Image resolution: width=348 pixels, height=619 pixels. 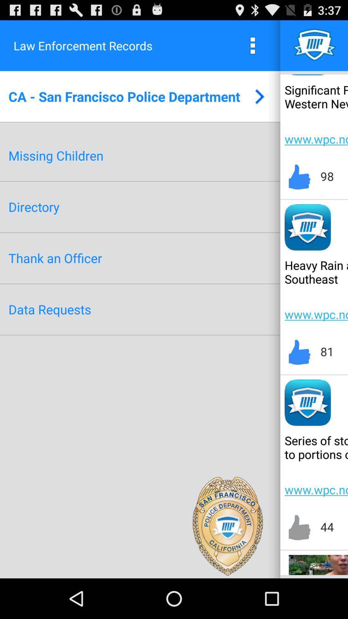 What do you see at coordinates (55, 155) in the screenshot?
I see `missing children app` at bounding box center [55, 155].